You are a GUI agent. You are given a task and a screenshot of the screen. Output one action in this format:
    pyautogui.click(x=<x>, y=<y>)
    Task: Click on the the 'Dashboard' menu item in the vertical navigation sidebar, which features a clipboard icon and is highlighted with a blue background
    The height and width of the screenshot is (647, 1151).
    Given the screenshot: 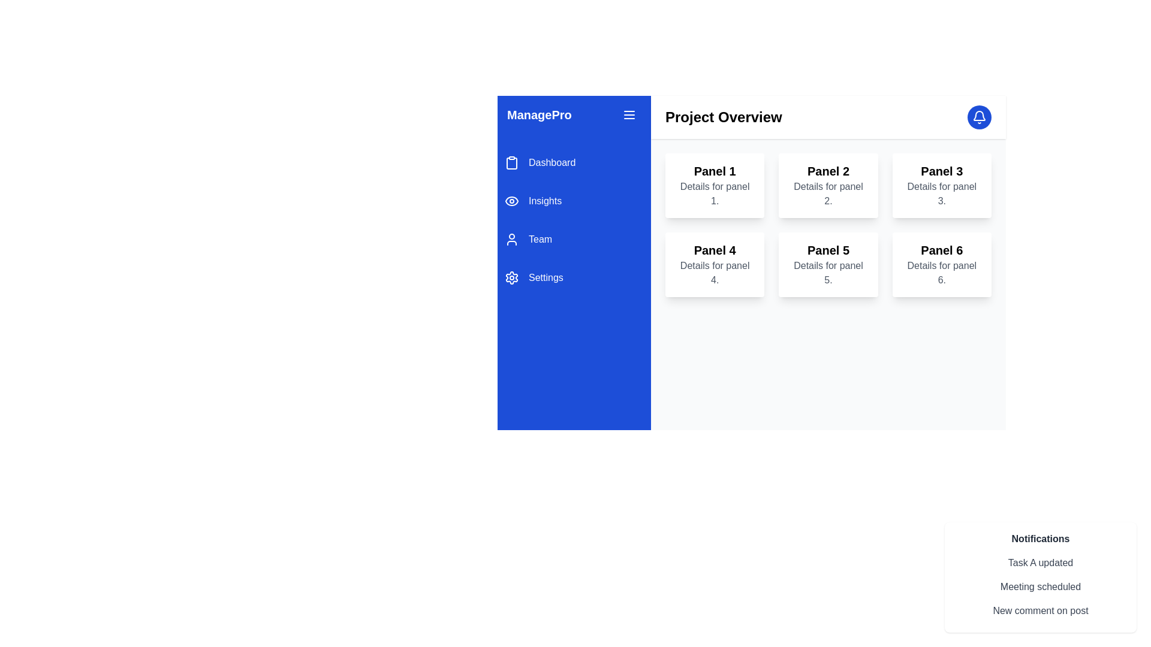 What is the action you would take?
    pyautogui.click(x=574, y=163)
    